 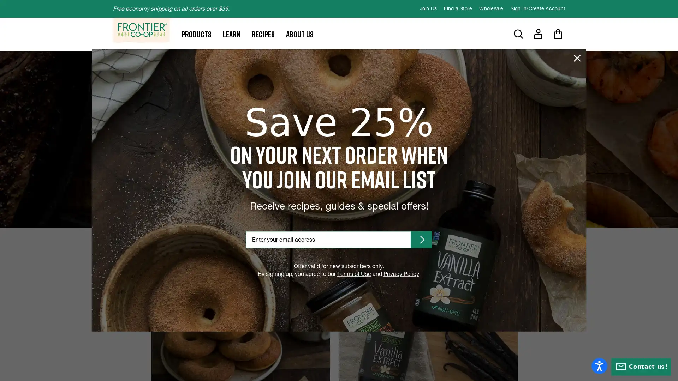 I want to click on ltkpopup-arrow-btn, so click(x=421, y=239).